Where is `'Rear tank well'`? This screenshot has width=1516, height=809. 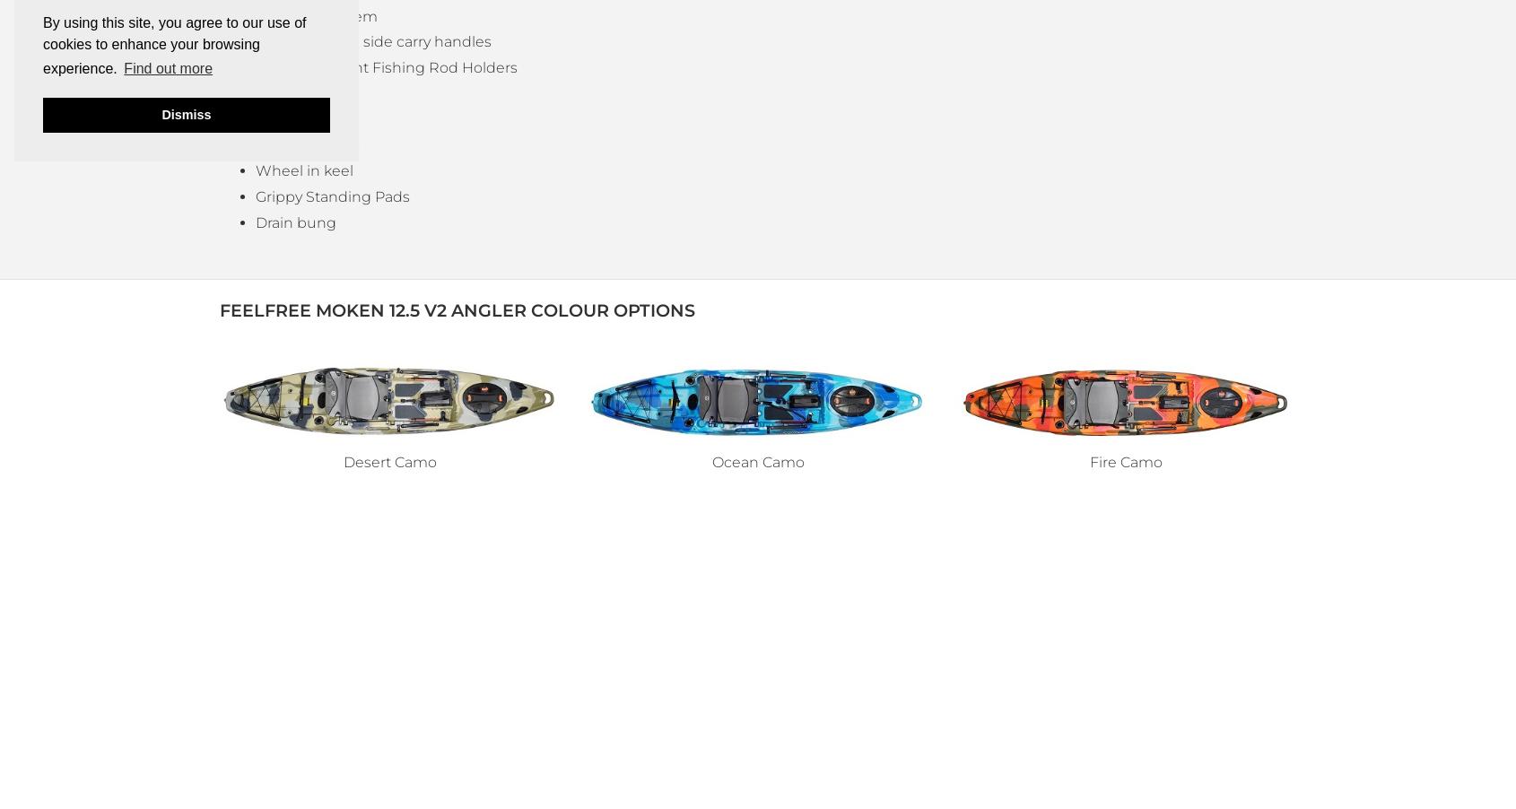 'Rear tank well' is located at coordinates (305, 118).